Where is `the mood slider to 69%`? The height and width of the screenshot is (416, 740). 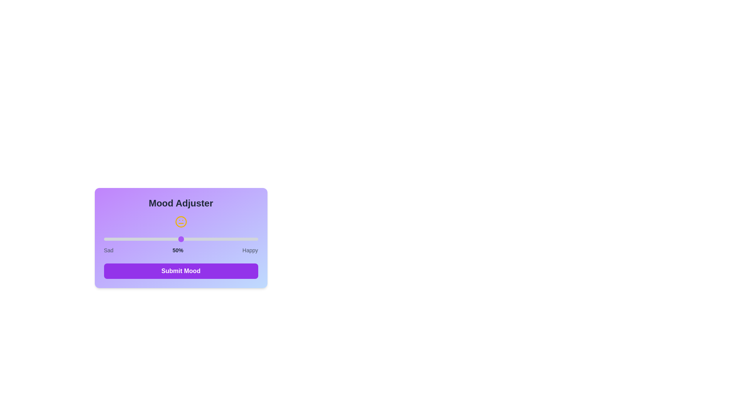 the mood slider to 69% is located at coordinates (210, 239).